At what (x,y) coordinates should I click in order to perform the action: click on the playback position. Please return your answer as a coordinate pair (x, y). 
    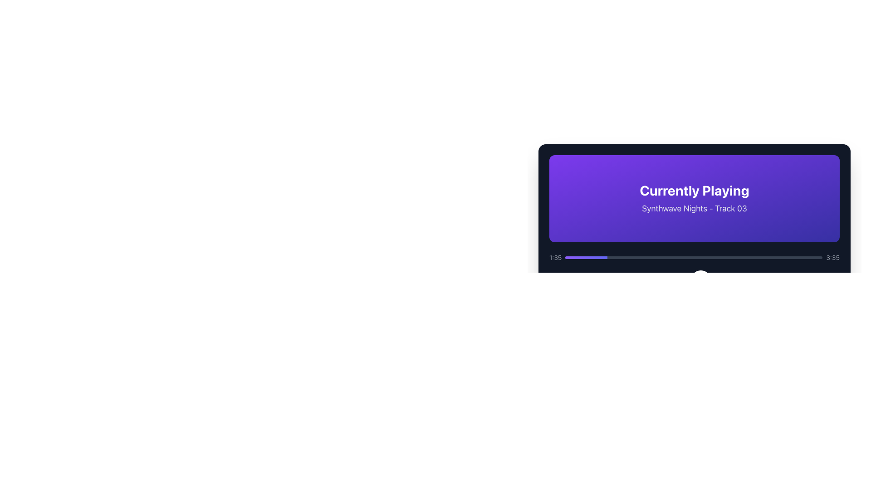
    Looking at the image, I should click on (606, 257).